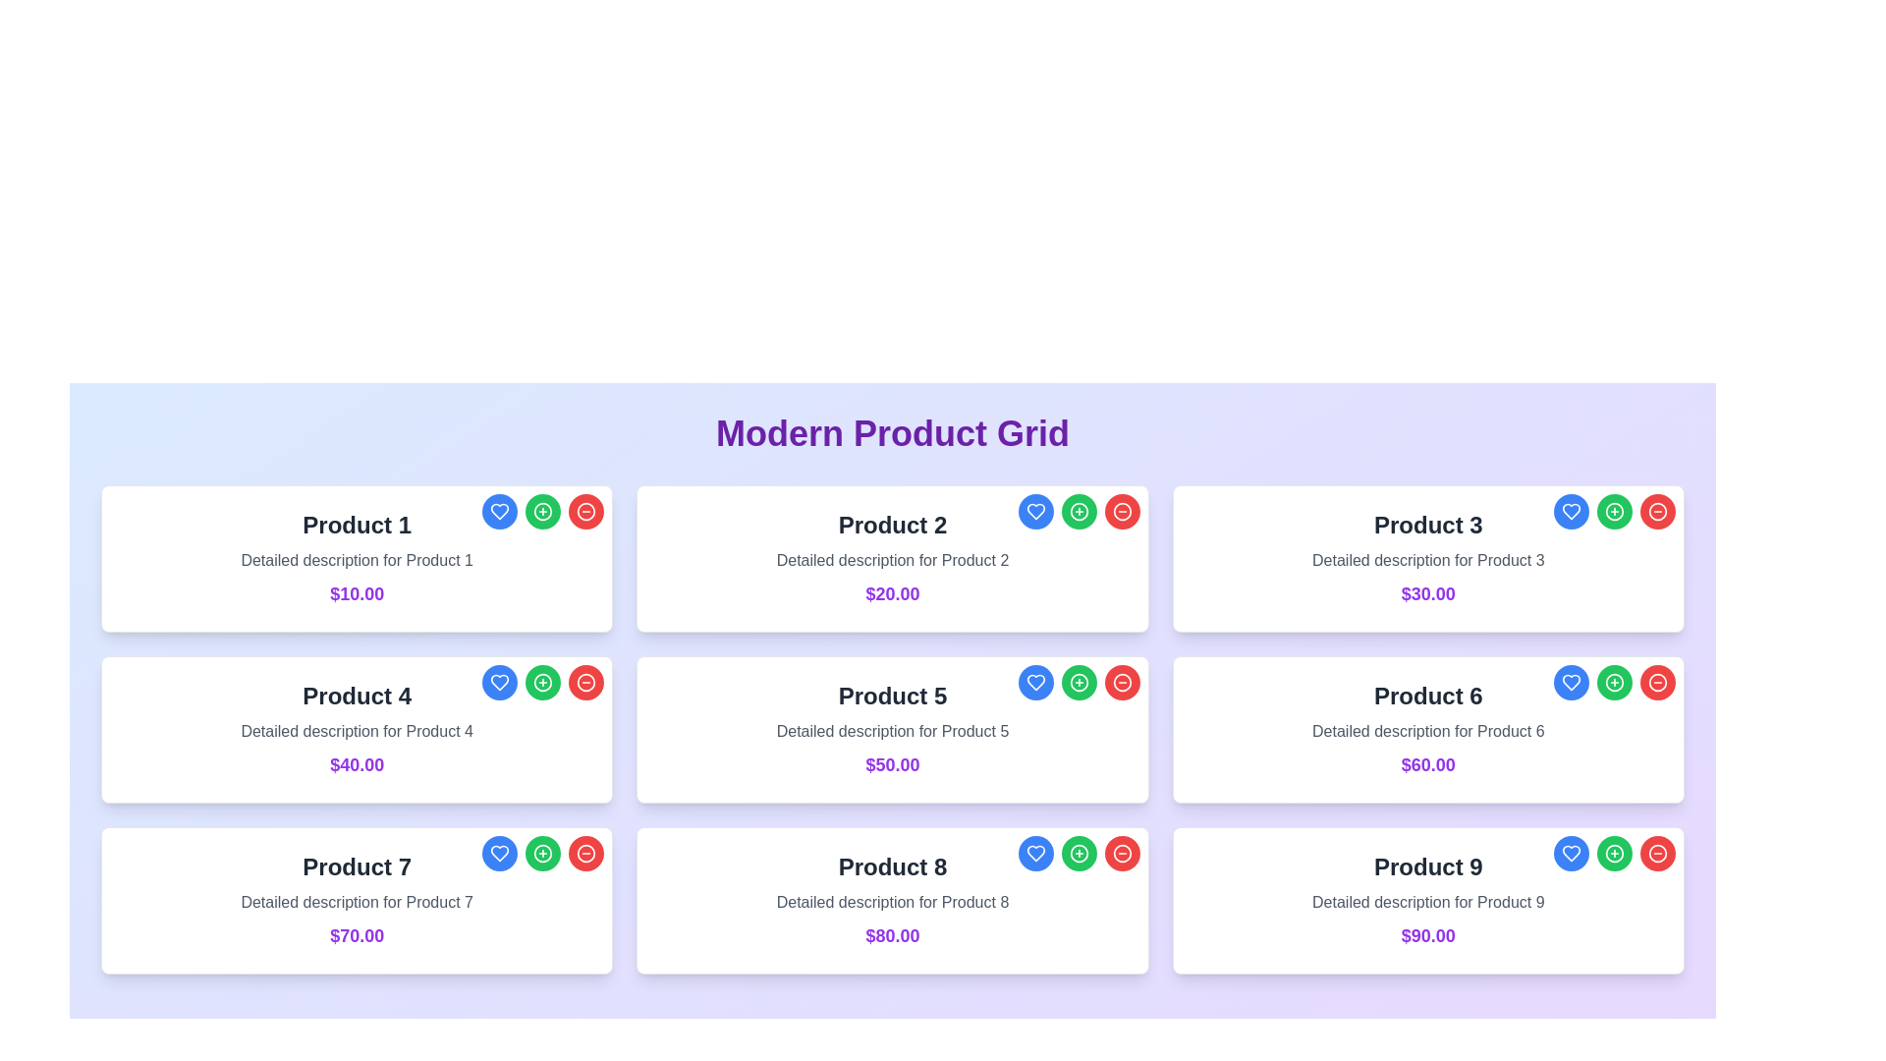 The height and width of the screenshot is (1061, 1886). Describe the element at coordinates (891, 902) in the screenshot. I see `the static text element displaying 'Detailed description for Product 8', located beneath the product header and above the price tag` at that location.